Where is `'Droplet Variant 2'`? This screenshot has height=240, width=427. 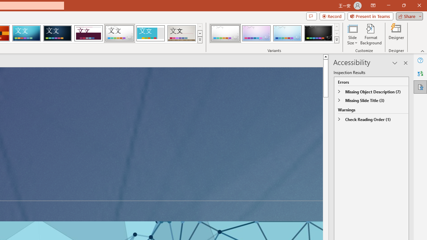
'Droplet Variant 2' is located at coordinates (256, 33).